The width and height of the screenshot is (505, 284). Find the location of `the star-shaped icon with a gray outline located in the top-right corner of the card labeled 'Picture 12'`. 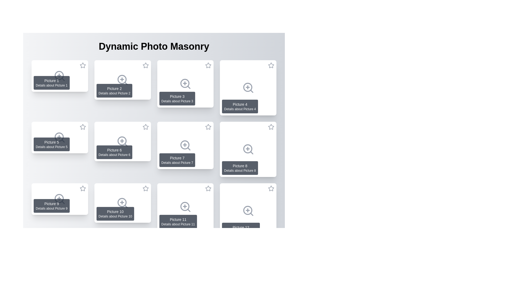

the star-shaped icon with a gray outline located in the top-right corner of the card labeled 'Picture 12' is located at coordinates (271, 188).